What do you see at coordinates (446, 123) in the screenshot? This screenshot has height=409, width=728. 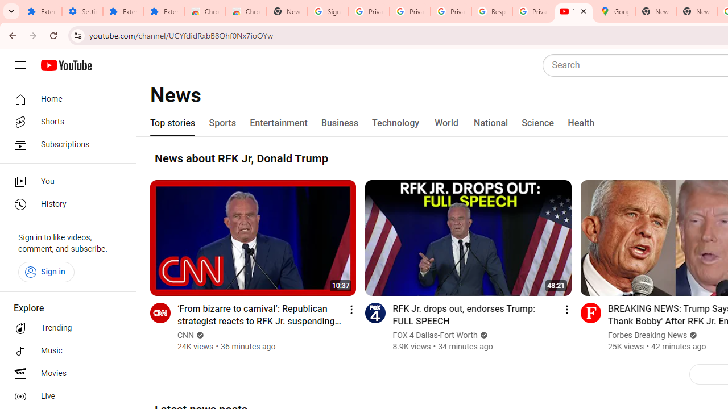 I see `'World'` at bounding box center [446, 123].